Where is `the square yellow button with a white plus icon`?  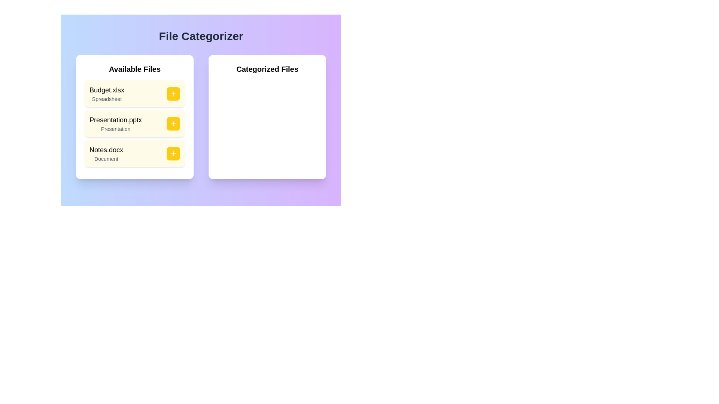 the square yellow button with a white plus icon is located at coordinates (173, 93).